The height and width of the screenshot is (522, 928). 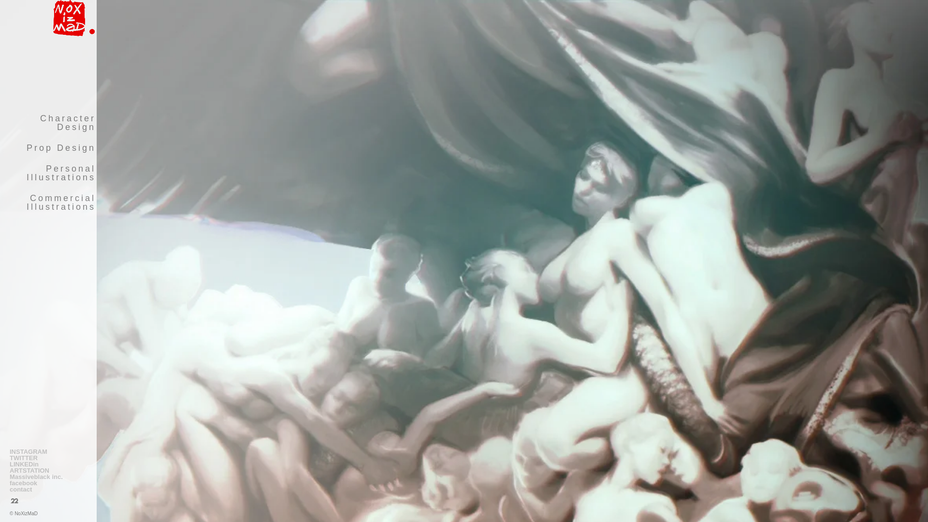 What do you see at coordinates (9, 470) in the screenshot?
I see `'ARTSTATION'` at bounding box center [9, 470].